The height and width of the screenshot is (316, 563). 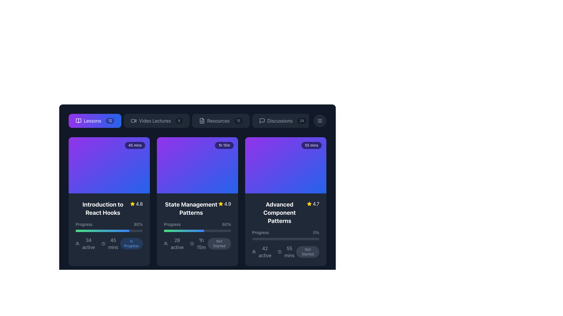 What do you see at coordinates (157, 120) in the screenshot?
I see `the 'Video Lectures' button, which has a dark gray background, light gray text, a video icon on the left, and a badge with the number '8' on the right` at bounding box center [157, 120].